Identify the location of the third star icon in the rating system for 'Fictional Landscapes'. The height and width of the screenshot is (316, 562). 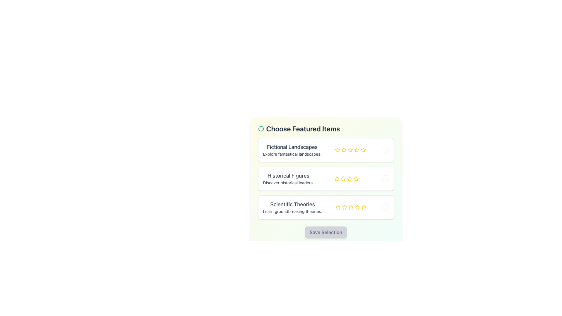
(350, 150).